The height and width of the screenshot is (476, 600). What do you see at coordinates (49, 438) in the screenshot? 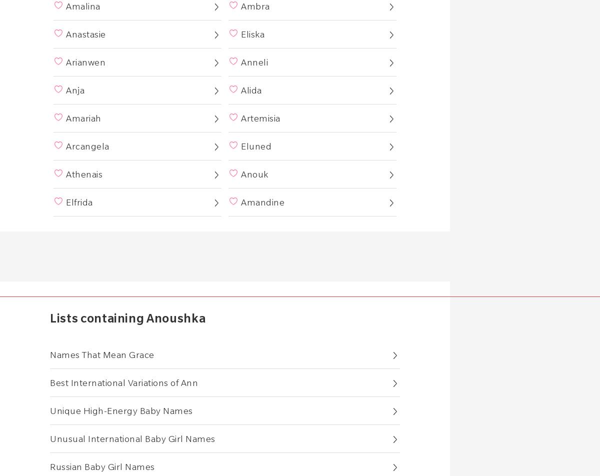
I see `'Unusual International Baby Girl Names'` at bounding box center [49, 438].